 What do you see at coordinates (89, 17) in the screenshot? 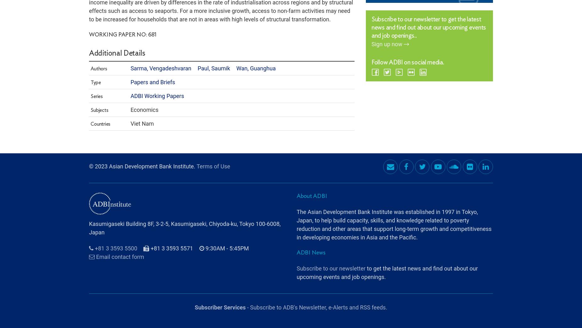
I see `'WORKING PAPER NO: 681'` at bounding box center [89, 17].